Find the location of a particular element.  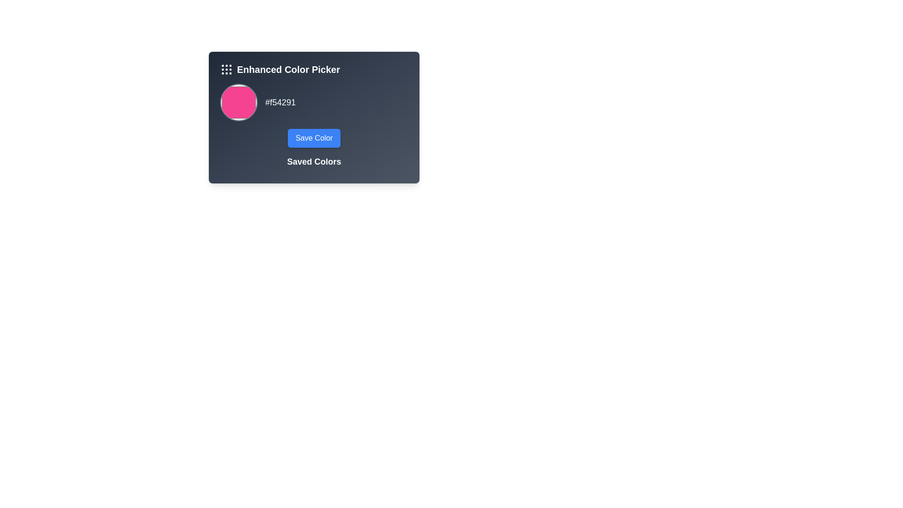

the color swatch representing the color '#f54291' is located at coordinates (239, 103).